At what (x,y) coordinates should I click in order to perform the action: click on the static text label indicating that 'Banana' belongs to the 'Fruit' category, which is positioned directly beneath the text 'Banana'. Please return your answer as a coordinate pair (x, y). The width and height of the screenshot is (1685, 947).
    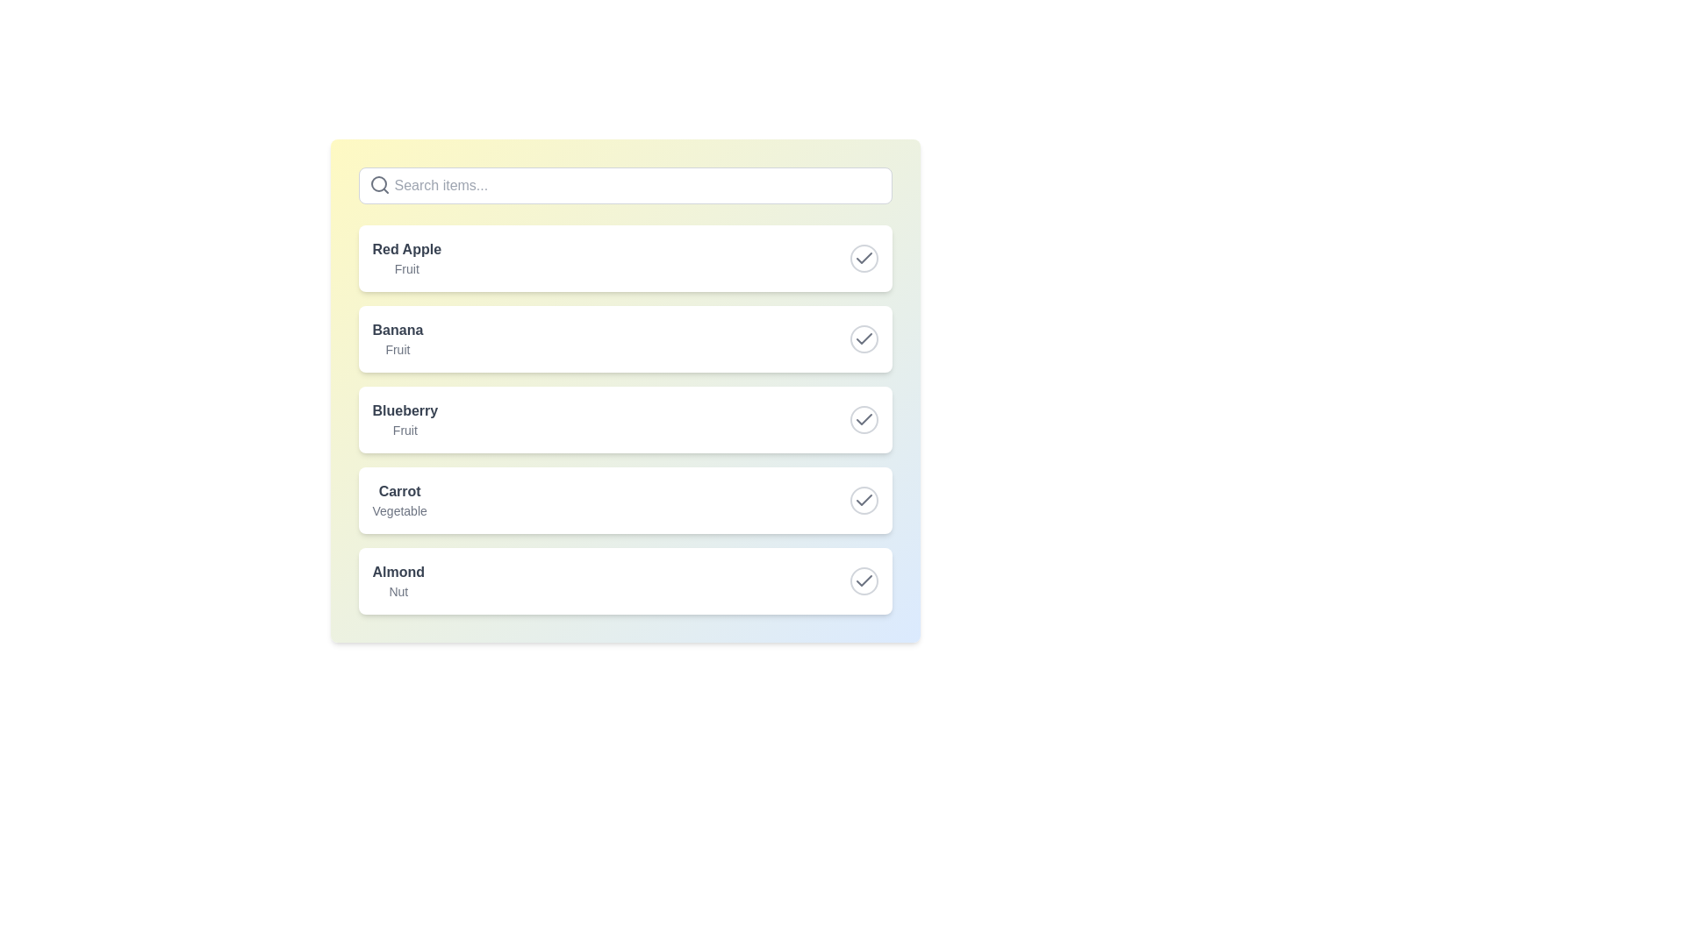
    Looking at the image, I should click on (397, 349).